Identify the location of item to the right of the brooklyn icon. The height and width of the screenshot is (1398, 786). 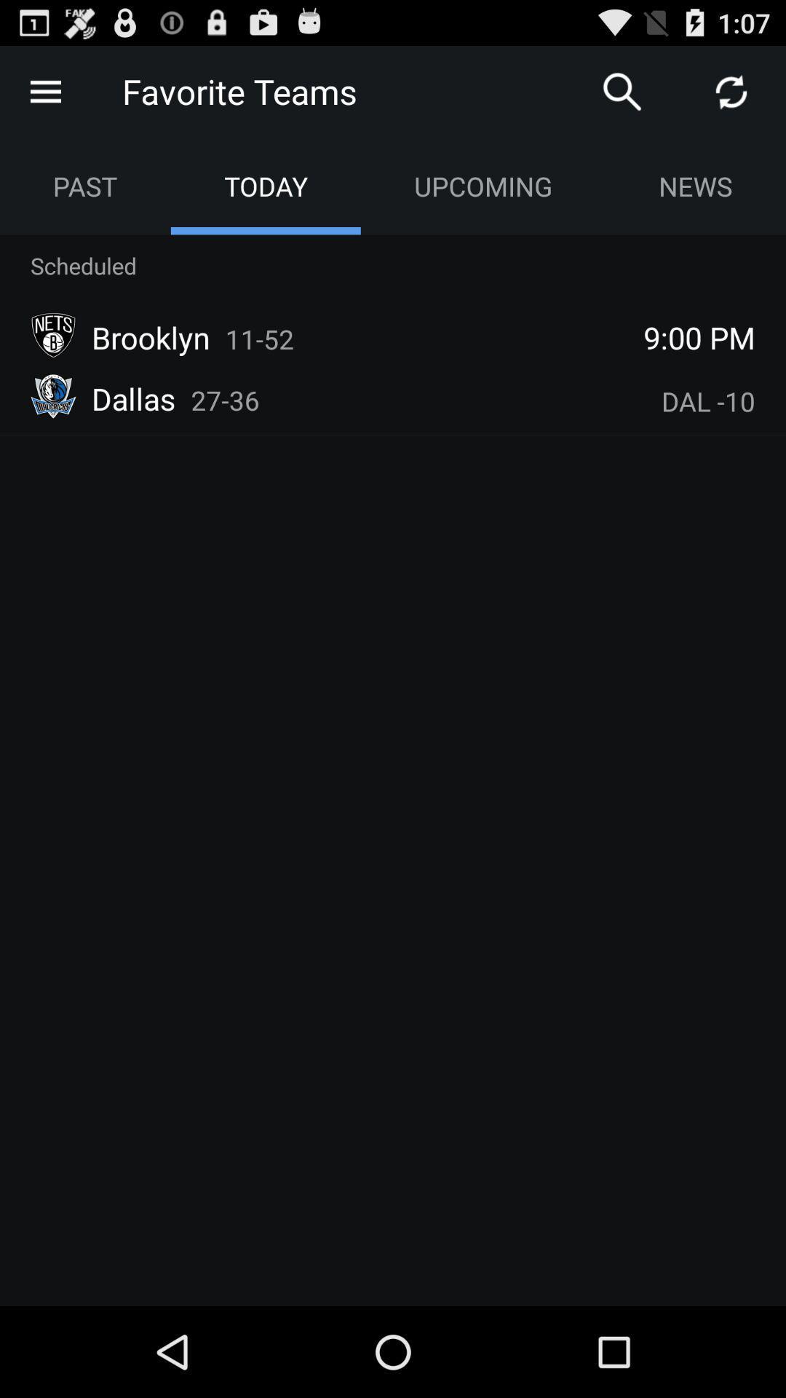
(259, 338).